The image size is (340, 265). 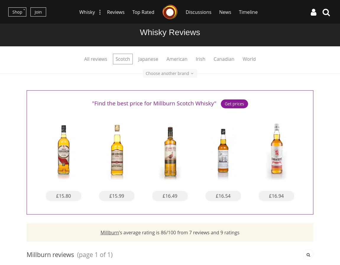 I want to click on ''s average rating is 86/100 from 7 reviews and 9 ratings', so click(x=119, y=232).